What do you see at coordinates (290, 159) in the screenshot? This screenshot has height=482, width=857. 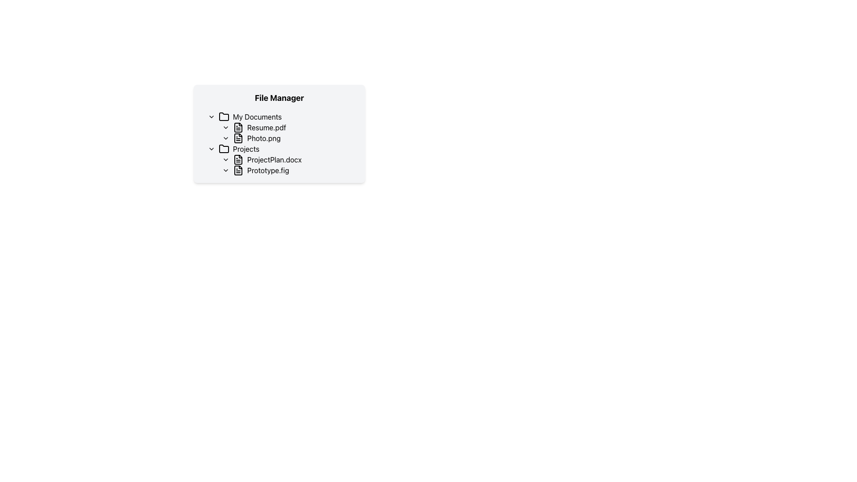 I see `the text label and file icon representing 'ProjectPlan.docx'` at bounding box center [290, 159].